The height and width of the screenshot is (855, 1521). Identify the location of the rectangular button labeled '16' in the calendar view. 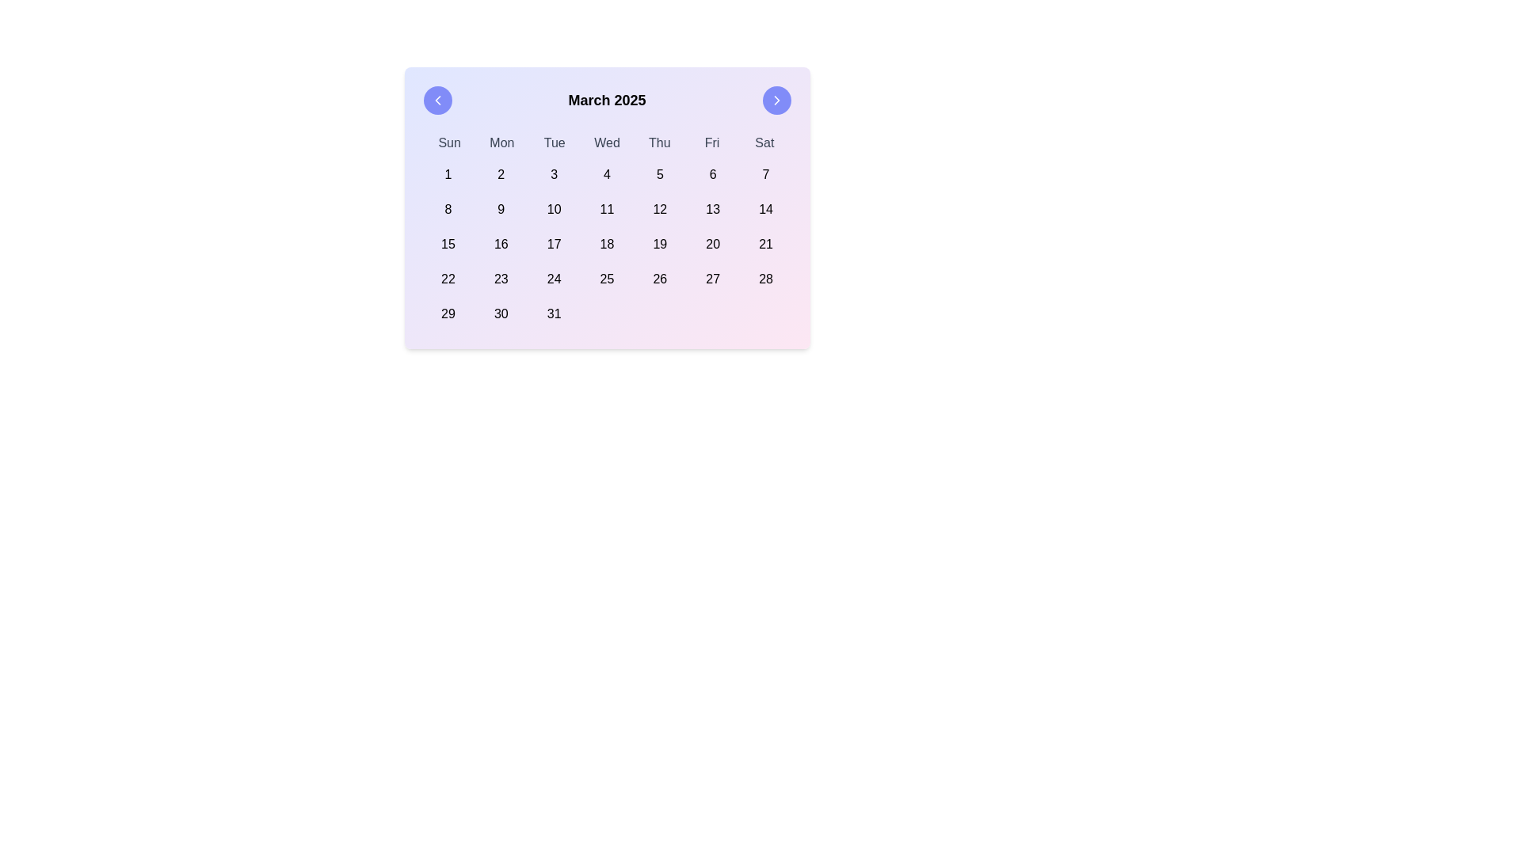
(500, 244).